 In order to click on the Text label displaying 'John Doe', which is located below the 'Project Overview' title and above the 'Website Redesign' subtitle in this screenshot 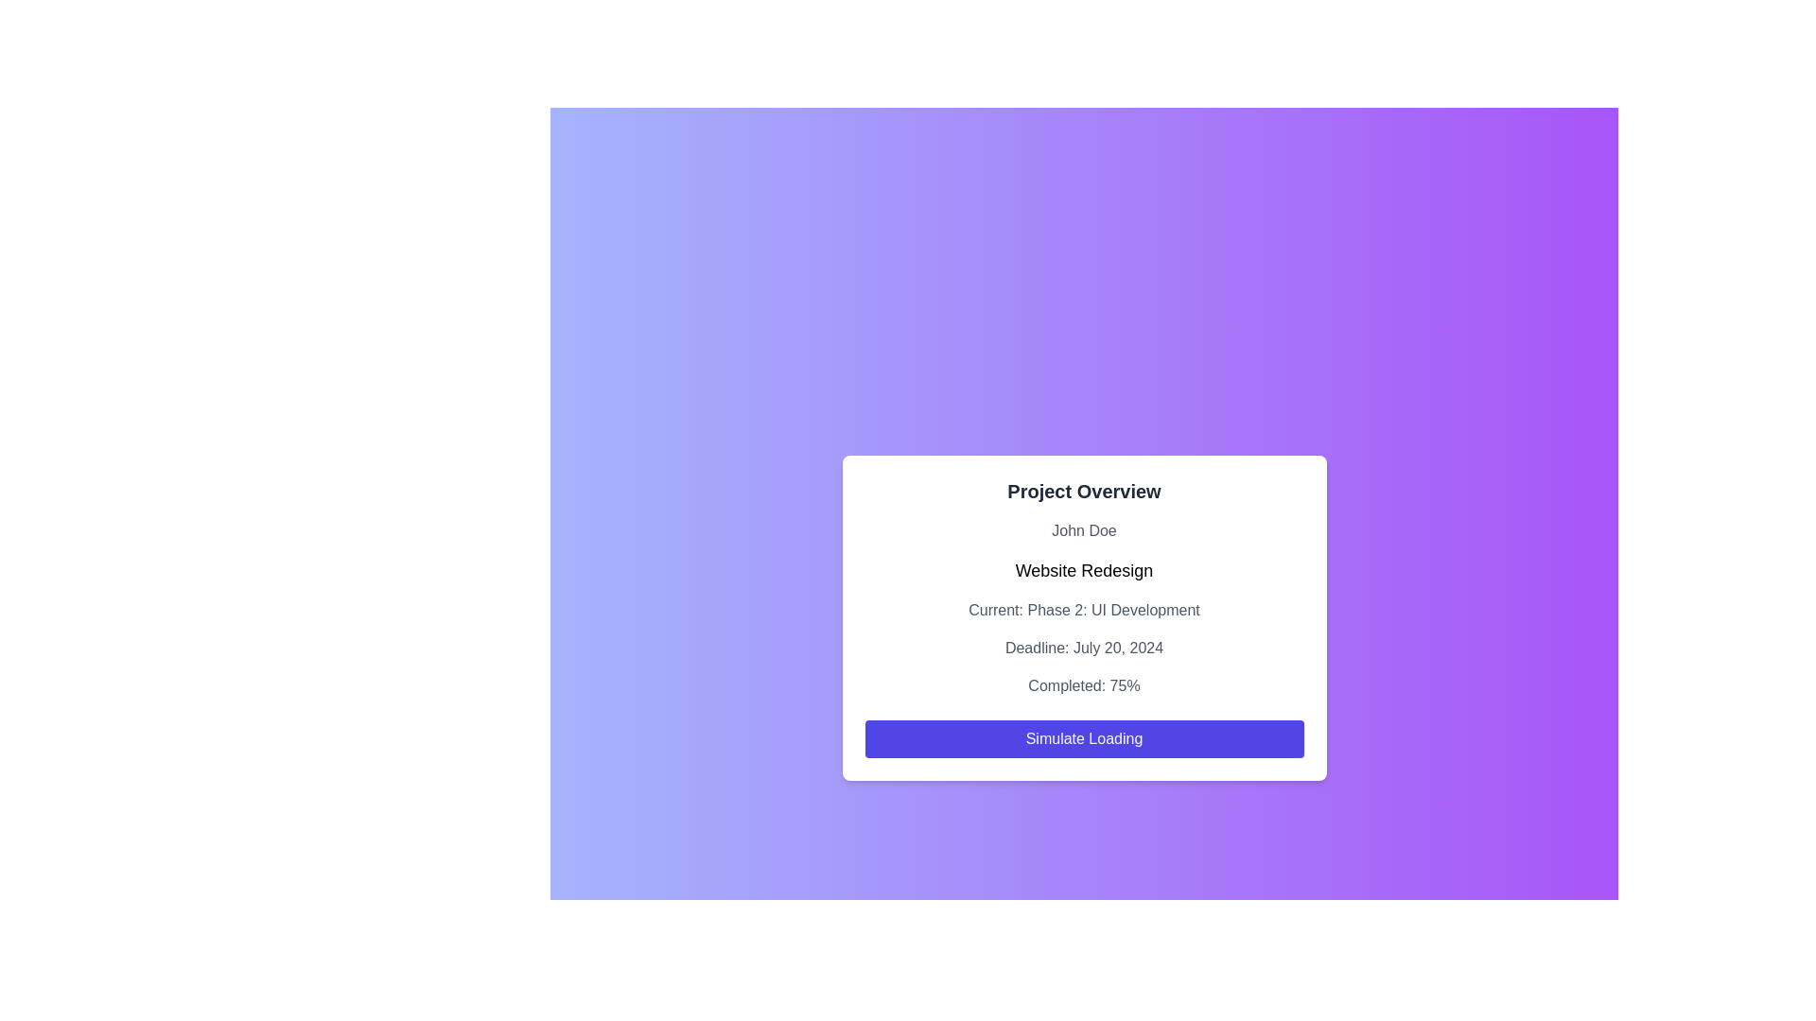, I will do `click(1084, 531)`.